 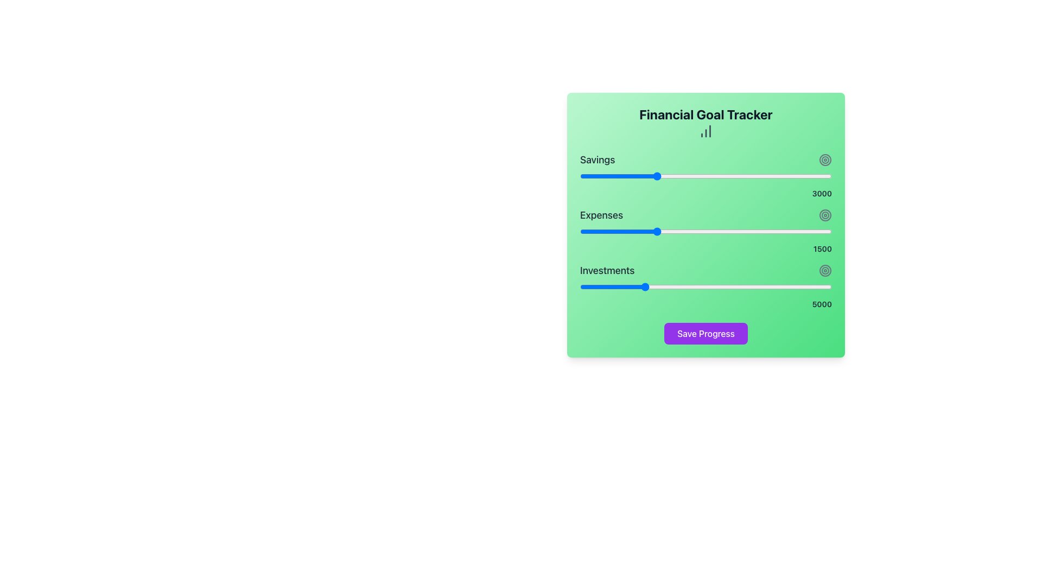 I want to click on the expenses slider, so click(x=823, y=231).